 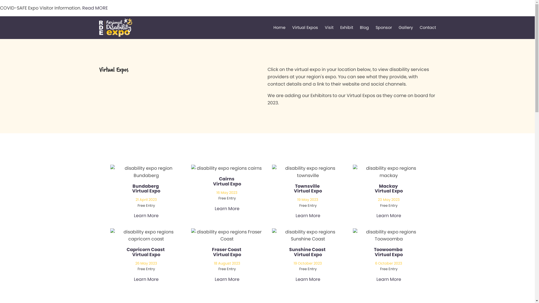 What do you see at coordinates (273, 27) in the screenshot?
I see `'Home'` at bounding box center [273, 27].